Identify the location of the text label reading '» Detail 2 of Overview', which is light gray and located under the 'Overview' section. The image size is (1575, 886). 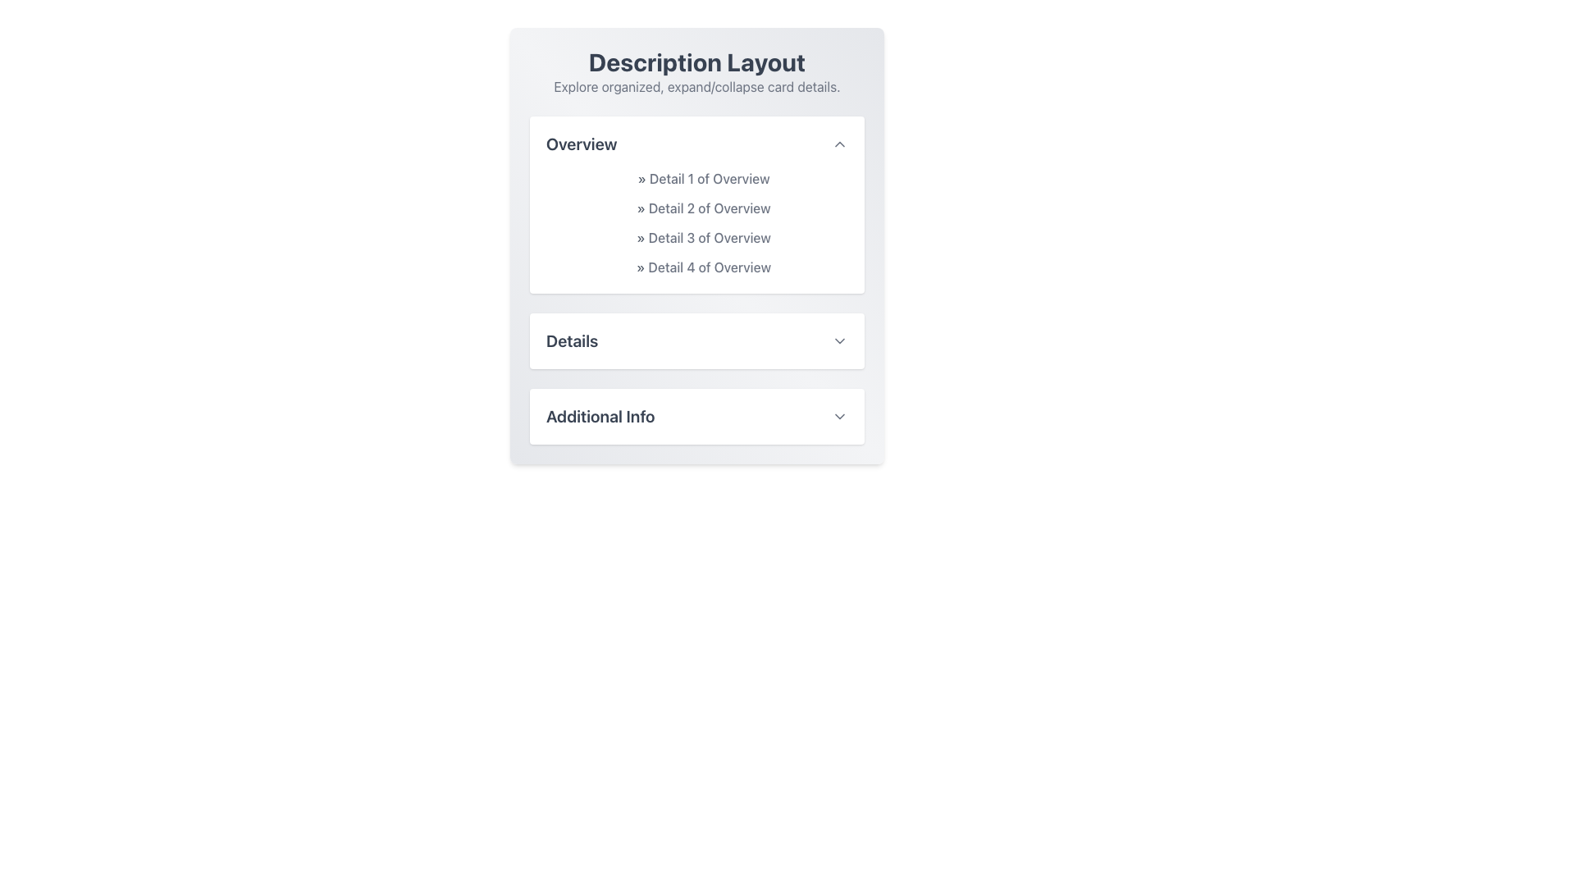
(696, 208).